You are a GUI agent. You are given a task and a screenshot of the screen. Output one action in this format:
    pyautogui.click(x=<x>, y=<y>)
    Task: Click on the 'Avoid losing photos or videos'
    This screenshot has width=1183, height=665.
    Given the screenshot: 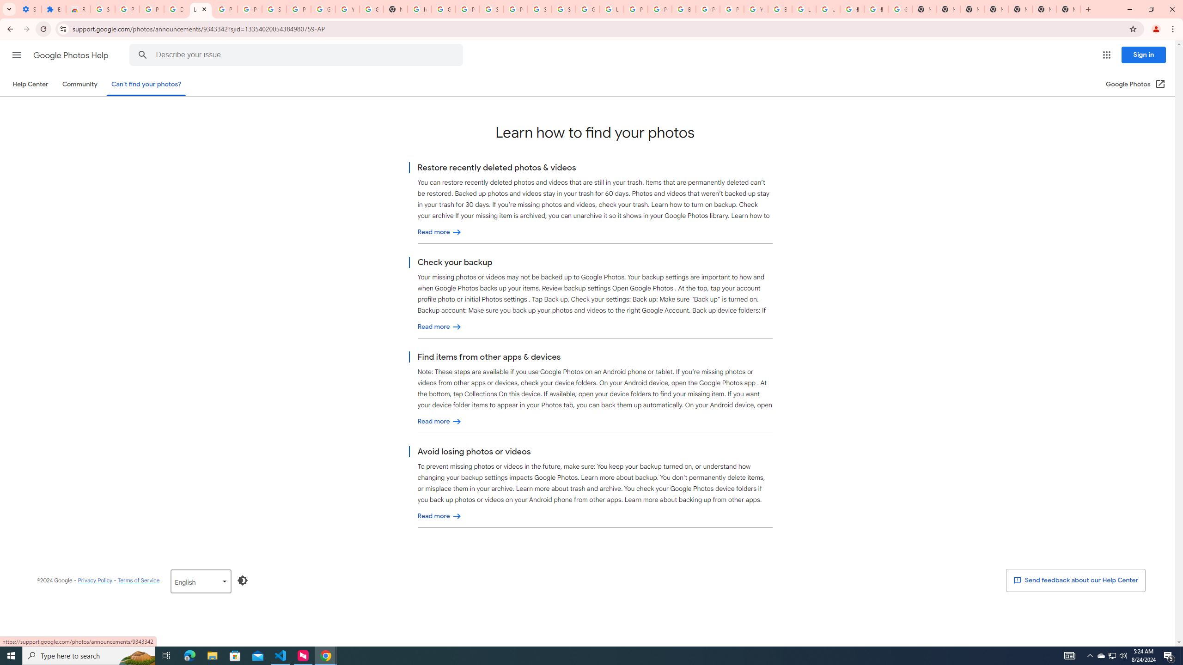 What is the action you would take?
    pyautogui.click(x=439, y=516)
    